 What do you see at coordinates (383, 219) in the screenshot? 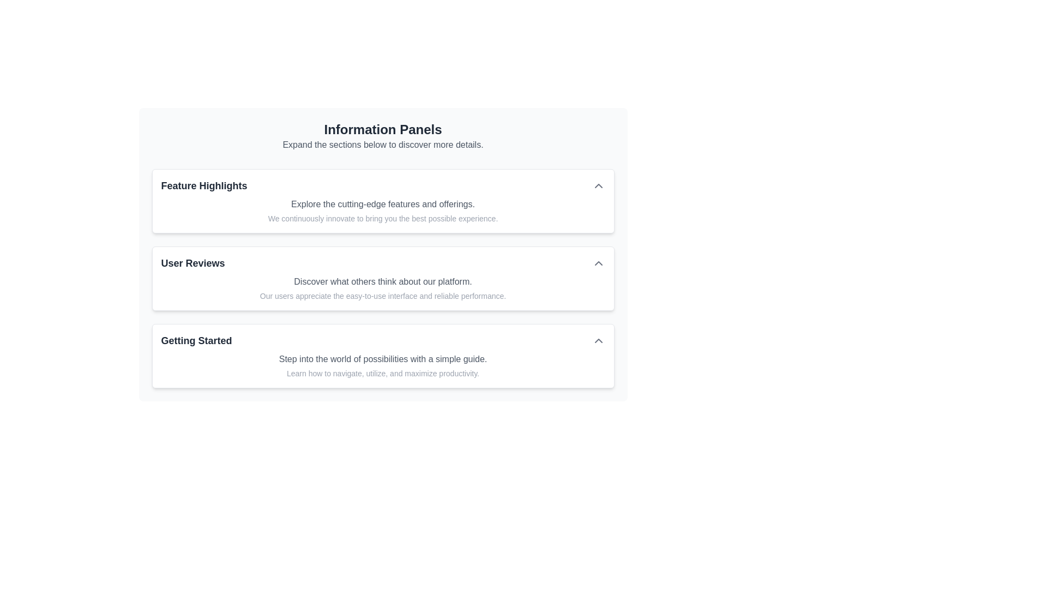
I see `the static text that reads 'We continuously innovate to bring you the best possible experience.' located at the bottom of the 'Feature Highlights' card` at bounding box center [383, 219].